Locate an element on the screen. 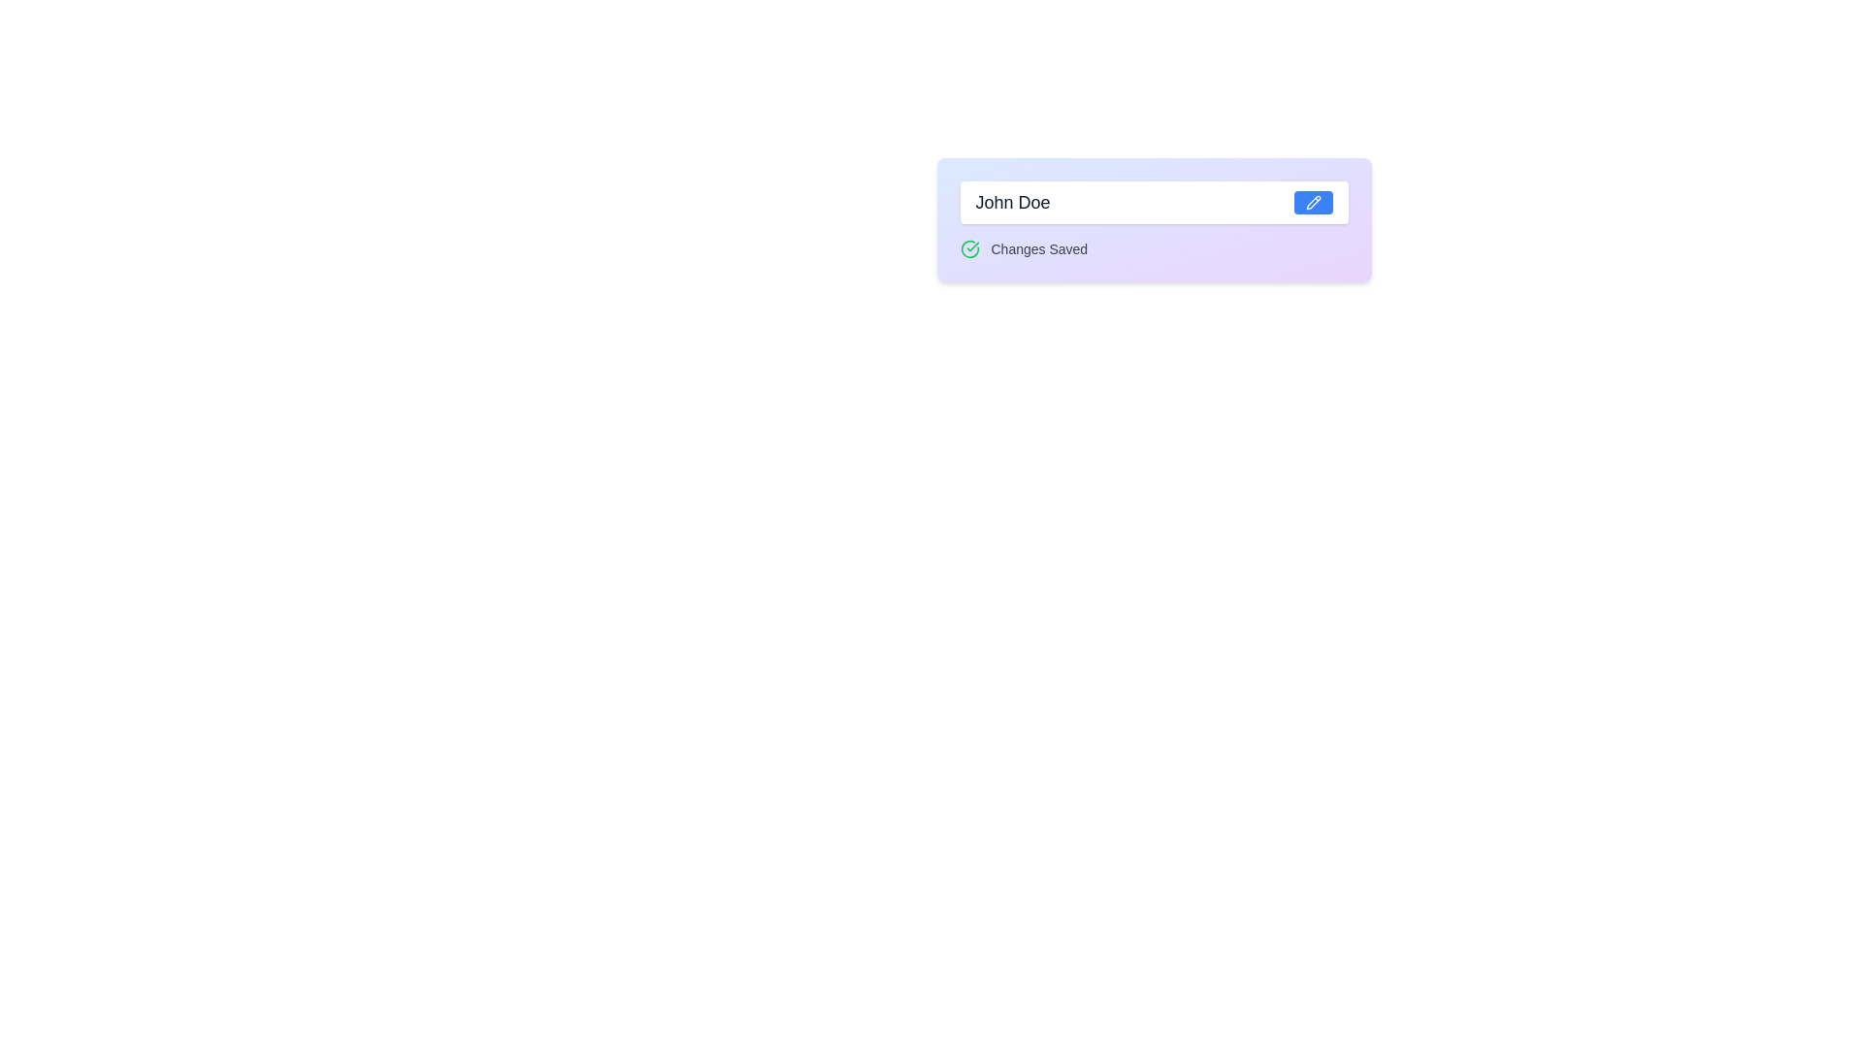  the success icon located to the left of the 'Changes Saved' text, which indicates a successful action or state is located at coordinates (969, 248).